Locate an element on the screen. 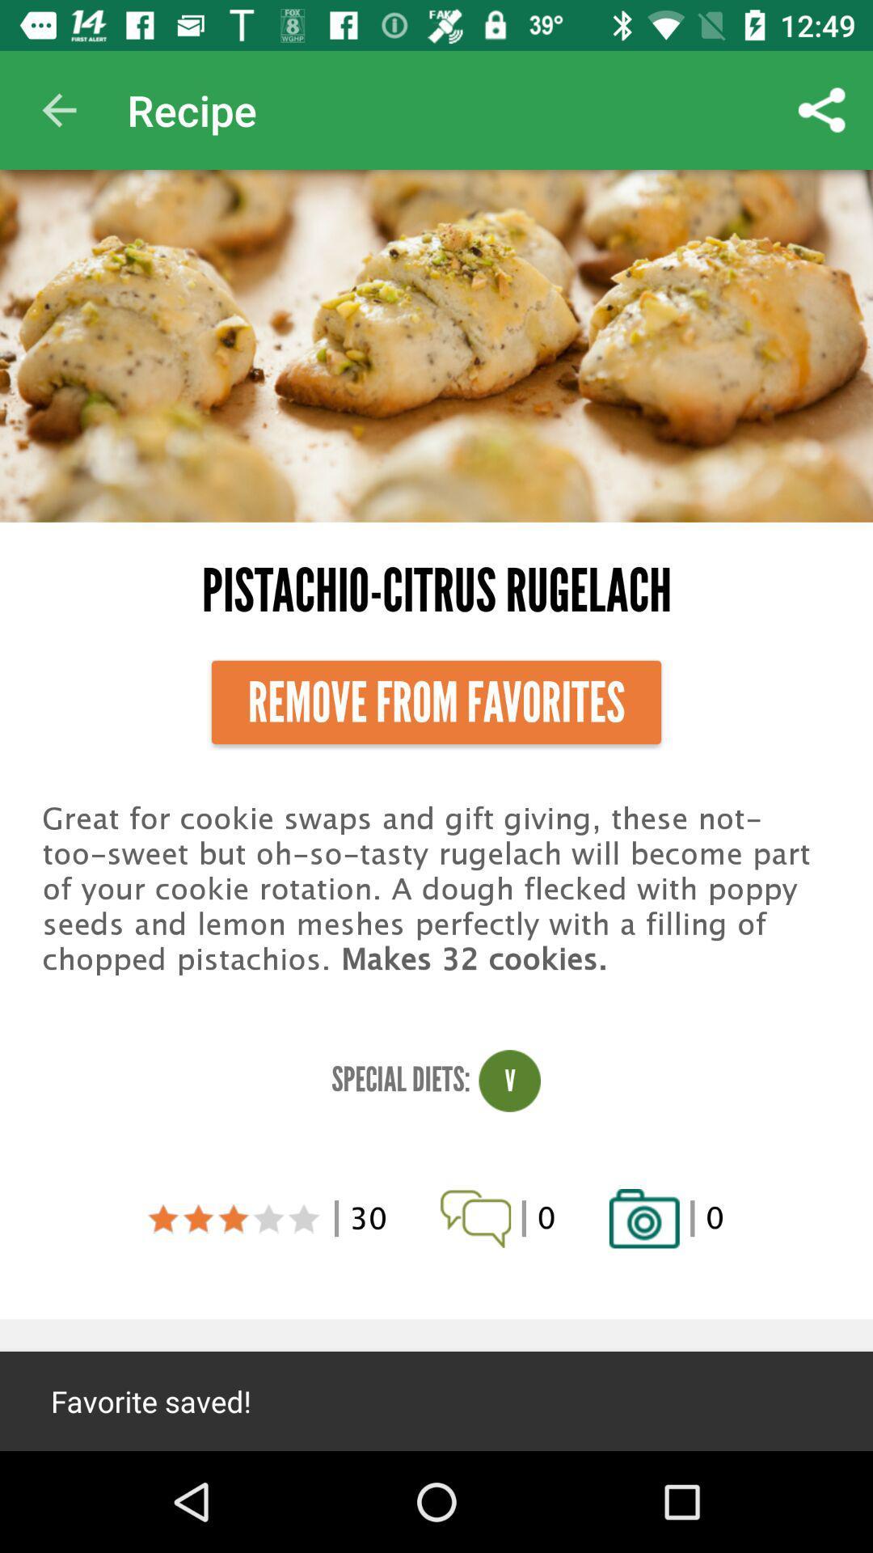  the item above the pistachio-citrus rugelach is located at coordinates (58, 109).